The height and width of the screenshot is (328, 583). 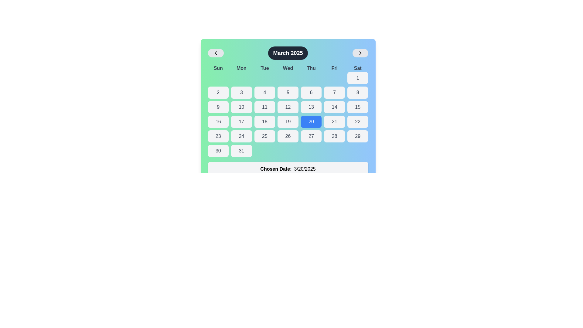 What do you see at coordinates (311, 68) in the screenshot?
I see `the static text label displaying 'Thu' in bold gray font, located in the week header of the calendar, positioned between 'Wed' and 'Fri'` at bounding box center [311, 68].